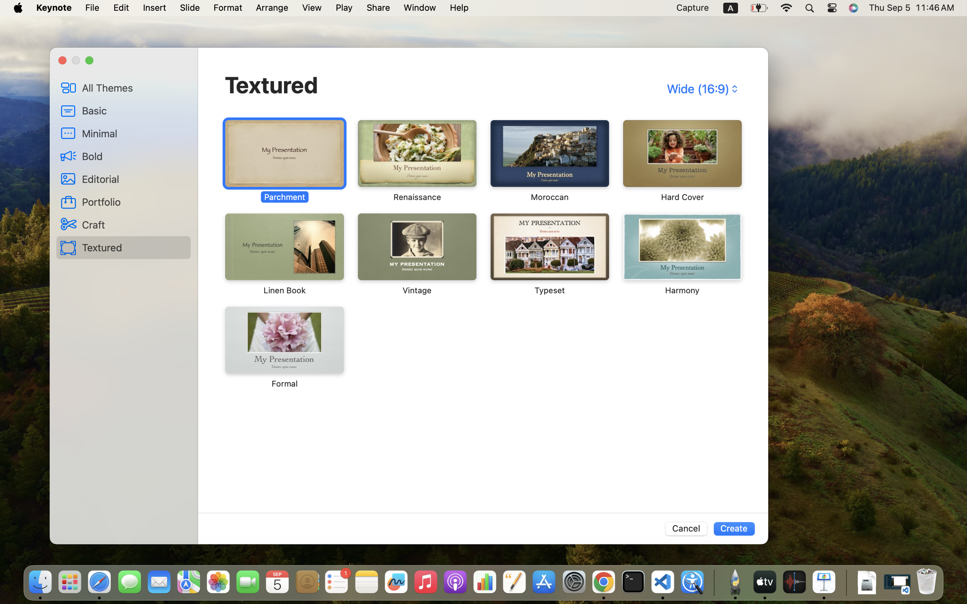  I want to click on 'Craft', so click(133, 224).